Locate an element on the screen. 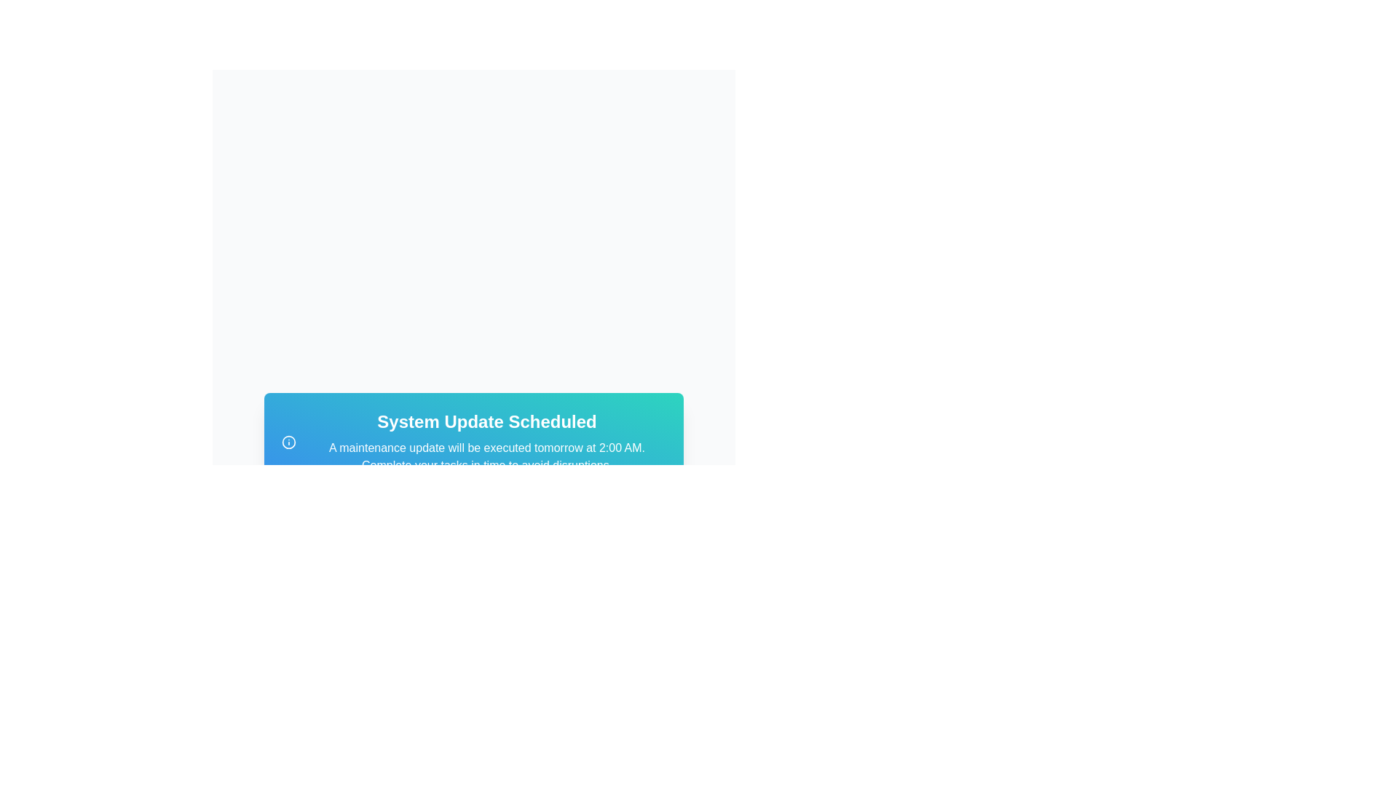 Image resolution: width=1398 pixels, height=786 pixels. the text block that informs users about an upcoming system maintenance update is located at coordinates (474, 442).